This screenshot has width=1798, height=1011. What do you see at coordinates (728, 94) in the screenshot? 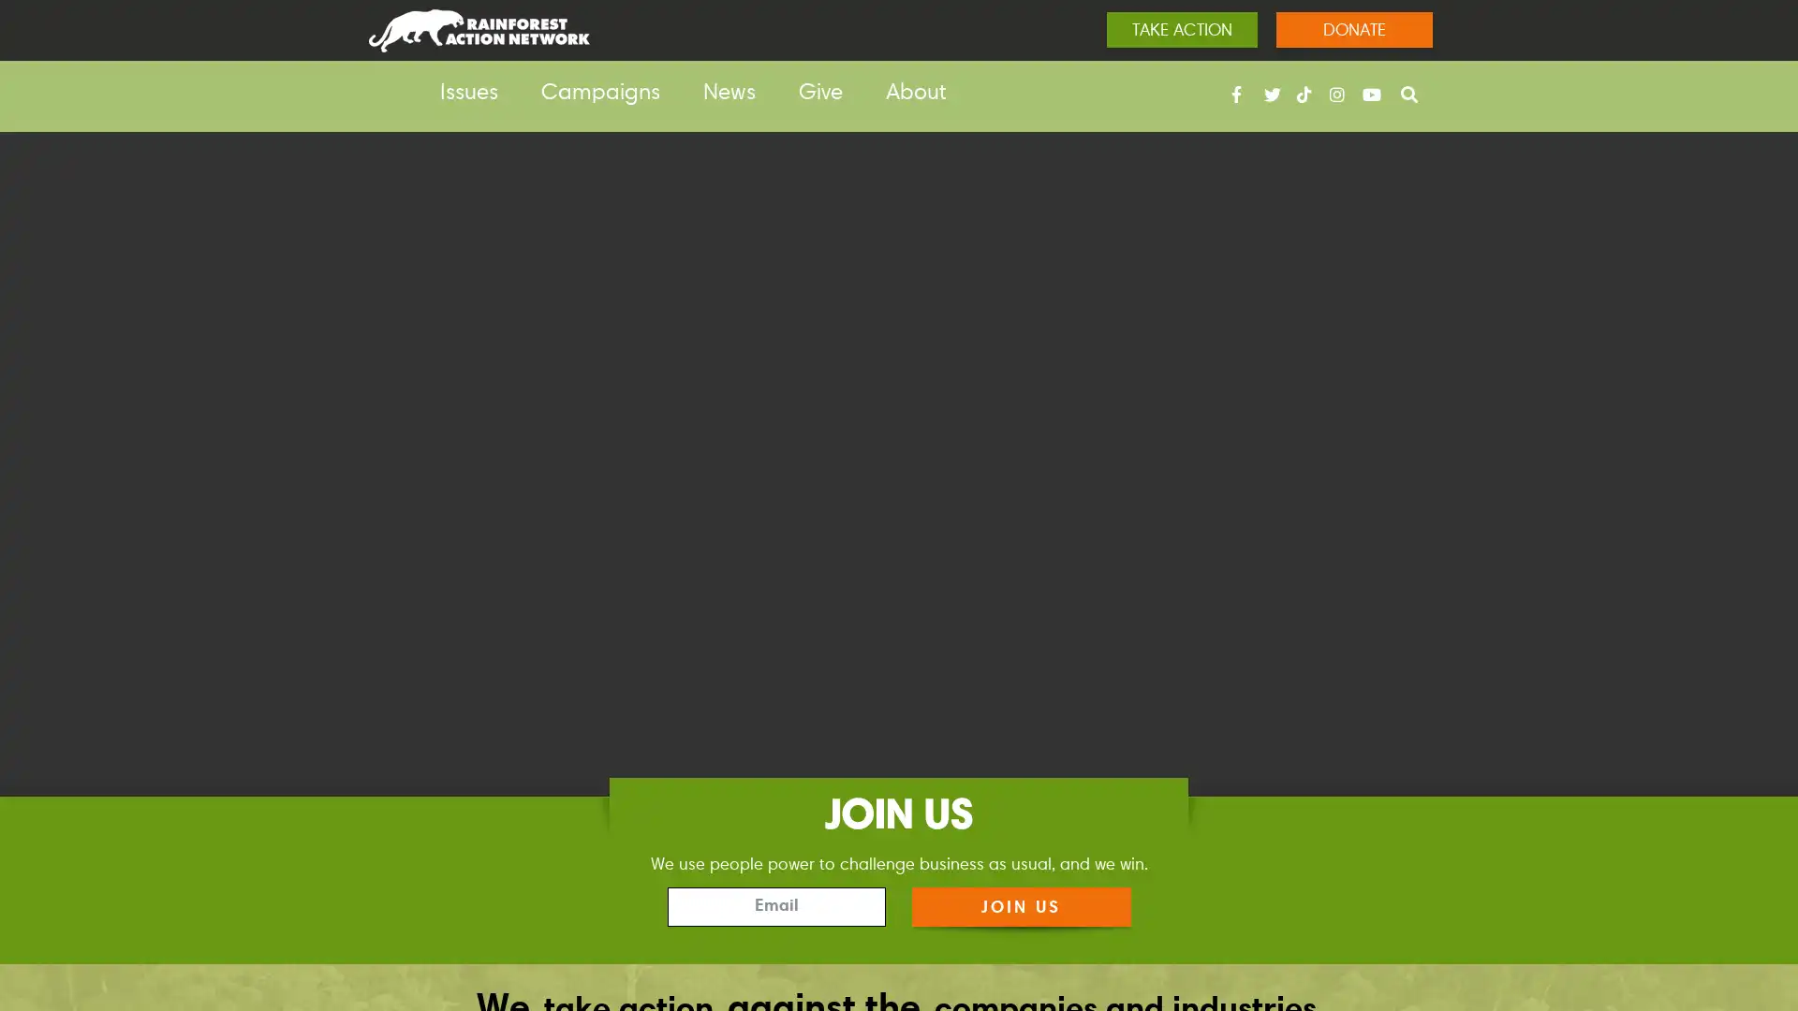
I see `News` at bounding box center [728, 94].